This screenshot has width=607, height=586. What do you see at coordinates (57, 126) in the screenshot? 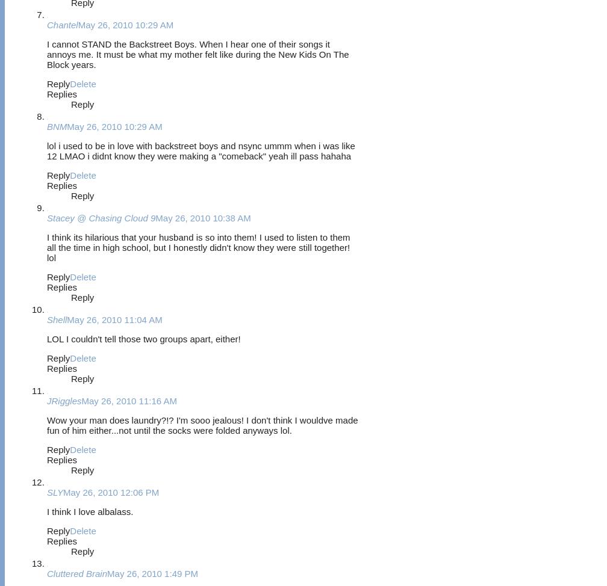
I see `'BNM'` at bounding box center [57, 126].